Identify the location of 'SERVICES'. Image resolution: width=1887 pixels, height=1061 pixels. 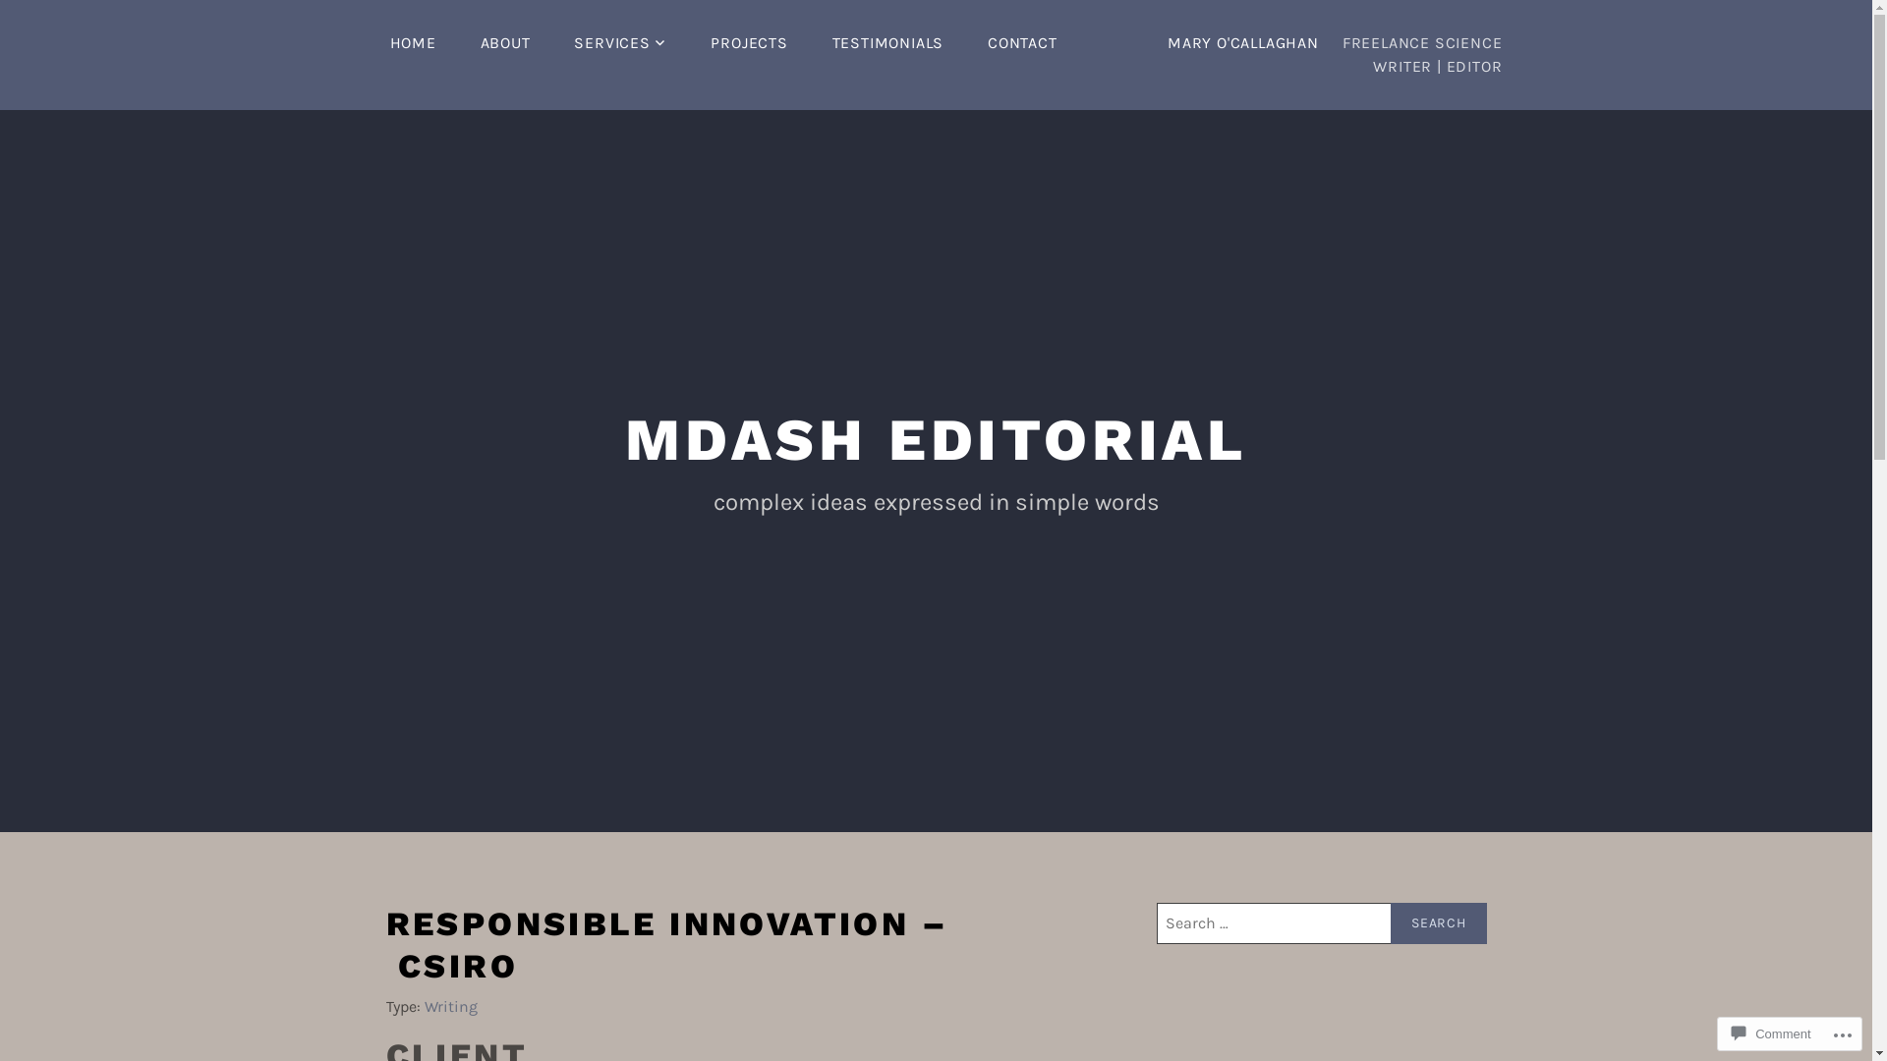
(618, 42).